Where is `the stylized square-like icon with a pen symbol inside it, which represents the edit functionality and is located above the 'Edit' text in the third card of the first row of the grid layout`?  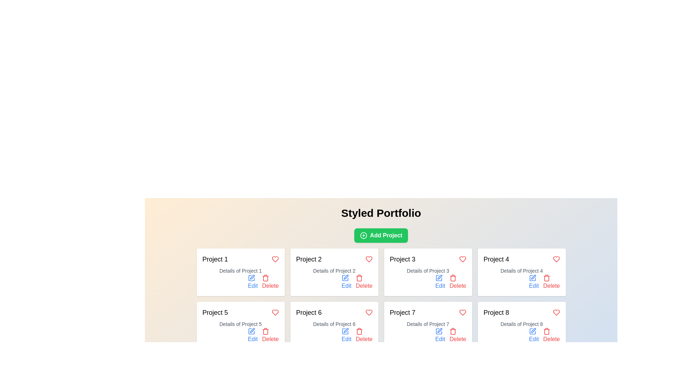
the stylized square-like icon with a pen symbol inside it, which represents the edit functionality and is located above the 'Edit' text in the third card of the first row of the grid layout is located at coordinates (439, 277).